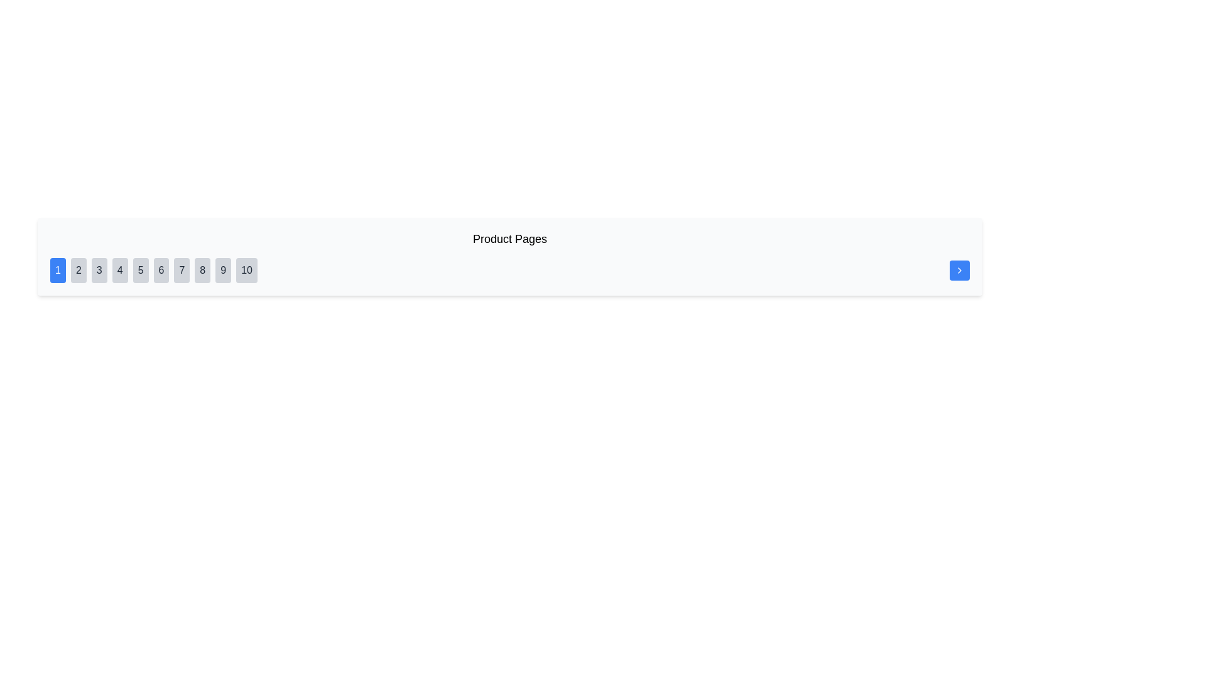  I want to click on the rounded rectangular button with a gray background and the number '6' centered inside, located in the pagination control below the 'Product Pages' title, to observe the hover effect, so click(160, 270).